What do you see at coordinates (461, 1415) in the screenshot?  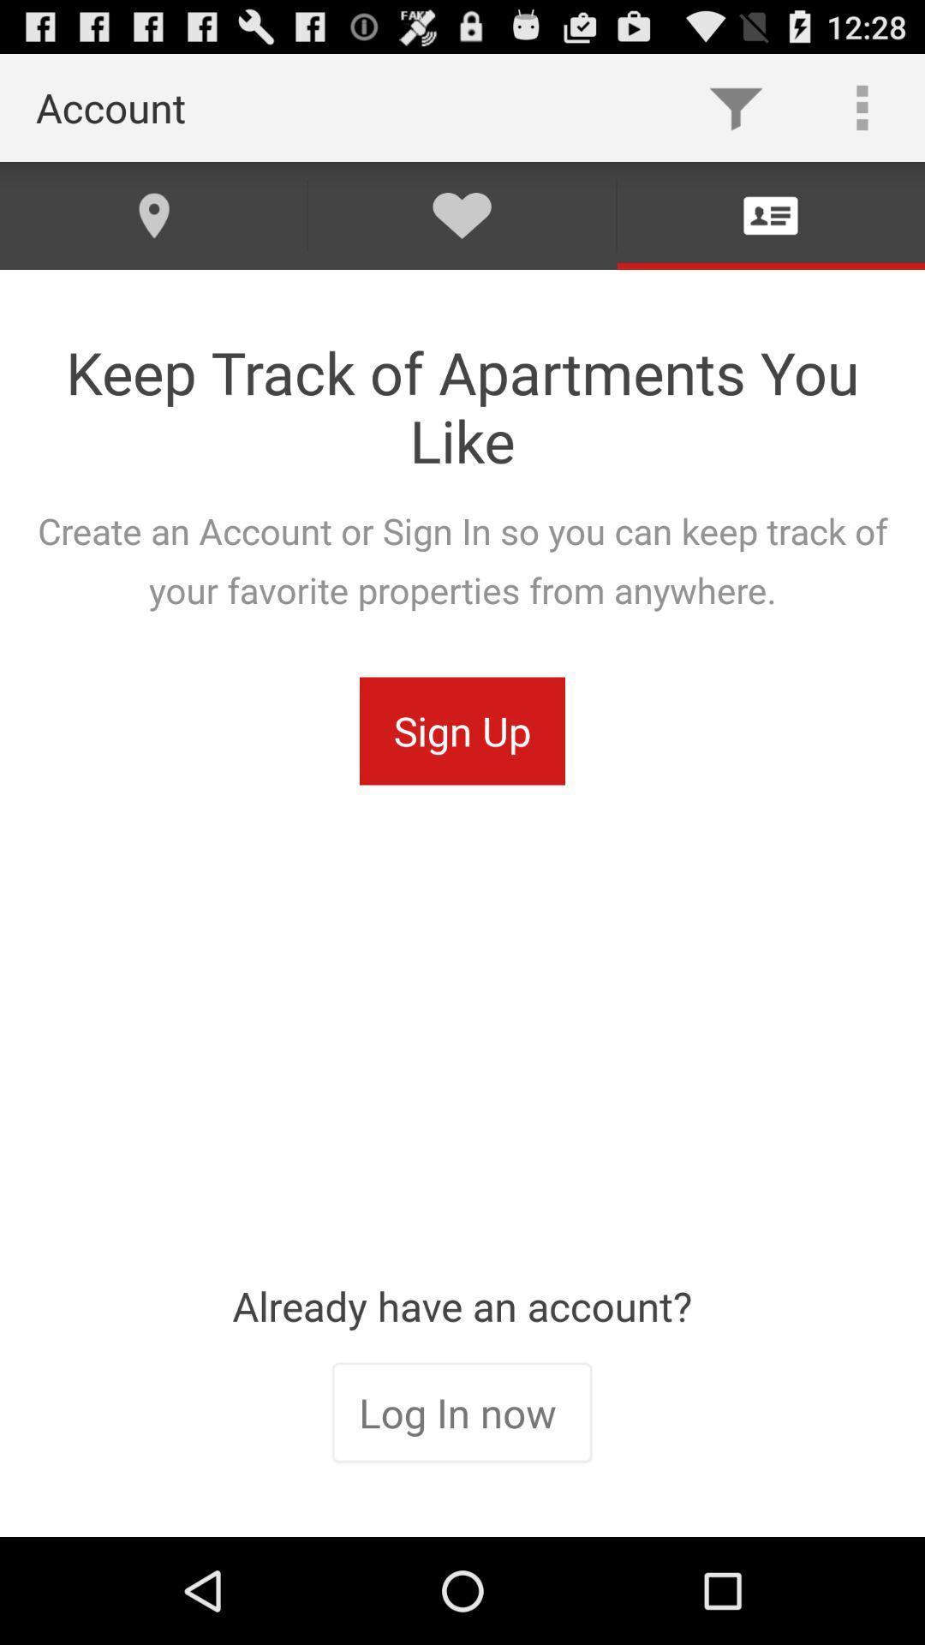 I see `the icon below the already have an item` at bounding box center [461, 1415].